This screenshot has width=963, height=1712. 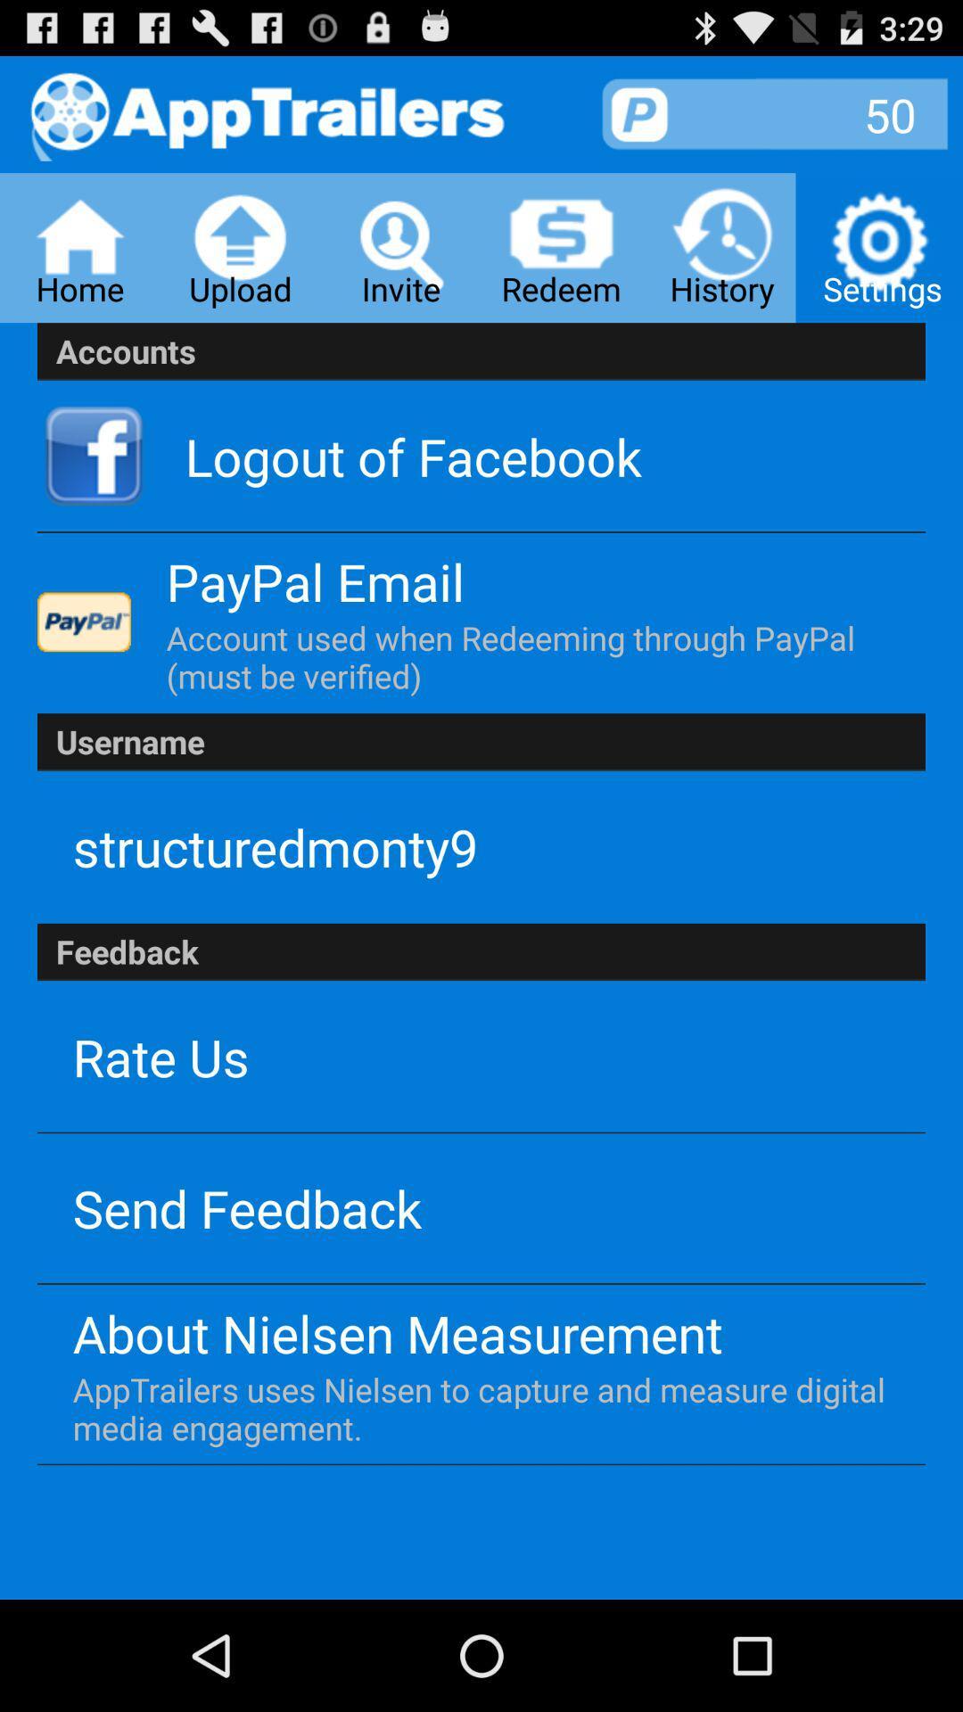 What do you see at coordinates (247, 1207) in the screenshot?
I see `app at the bottom left corner` at bounding box center [247, 1207].